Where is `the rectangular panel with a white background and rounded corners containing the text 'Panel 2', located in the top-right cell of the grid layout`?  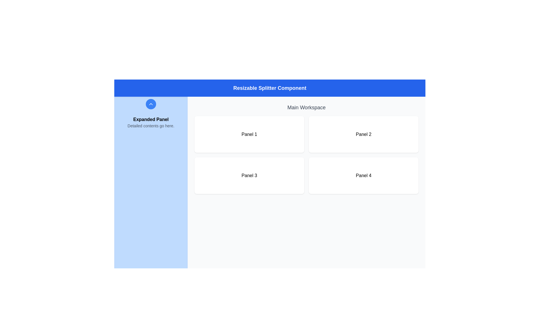 the rectangular panel with a white background and rounded corners containing the text 'Panel 2', located in the top-right cell of the grid layout is located at coordinates (363, 134).